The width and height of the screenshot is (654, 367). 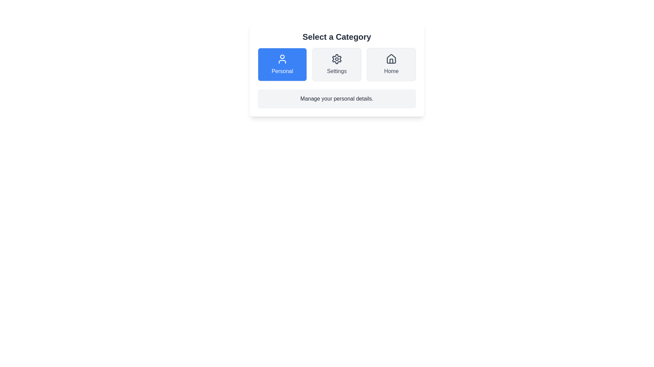 I want to click on the Settings button to select the corresponding category, so click(x=337, y=64).